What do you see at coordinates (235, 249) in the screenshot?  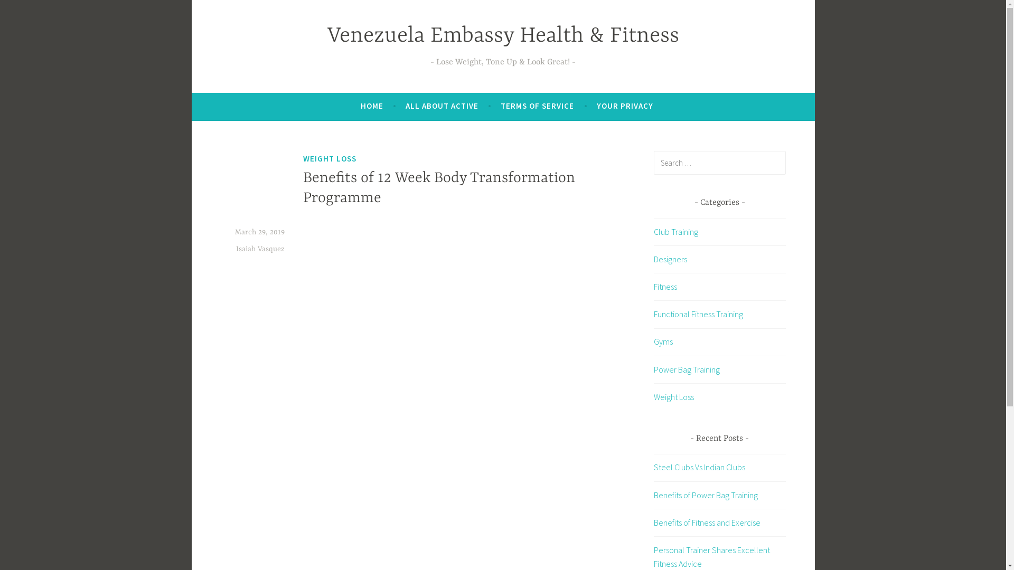 I see `'Isaiah Vasquez'` at bounding box center [235, 249].